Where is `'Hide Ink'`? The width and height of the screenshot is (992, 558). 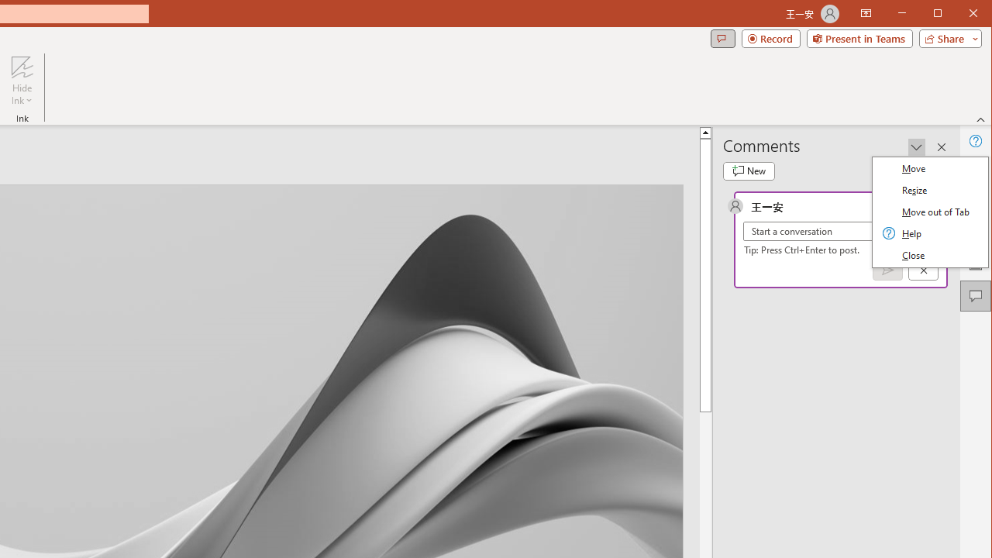
'Hide Ink' is located at coordinates (22, 81).